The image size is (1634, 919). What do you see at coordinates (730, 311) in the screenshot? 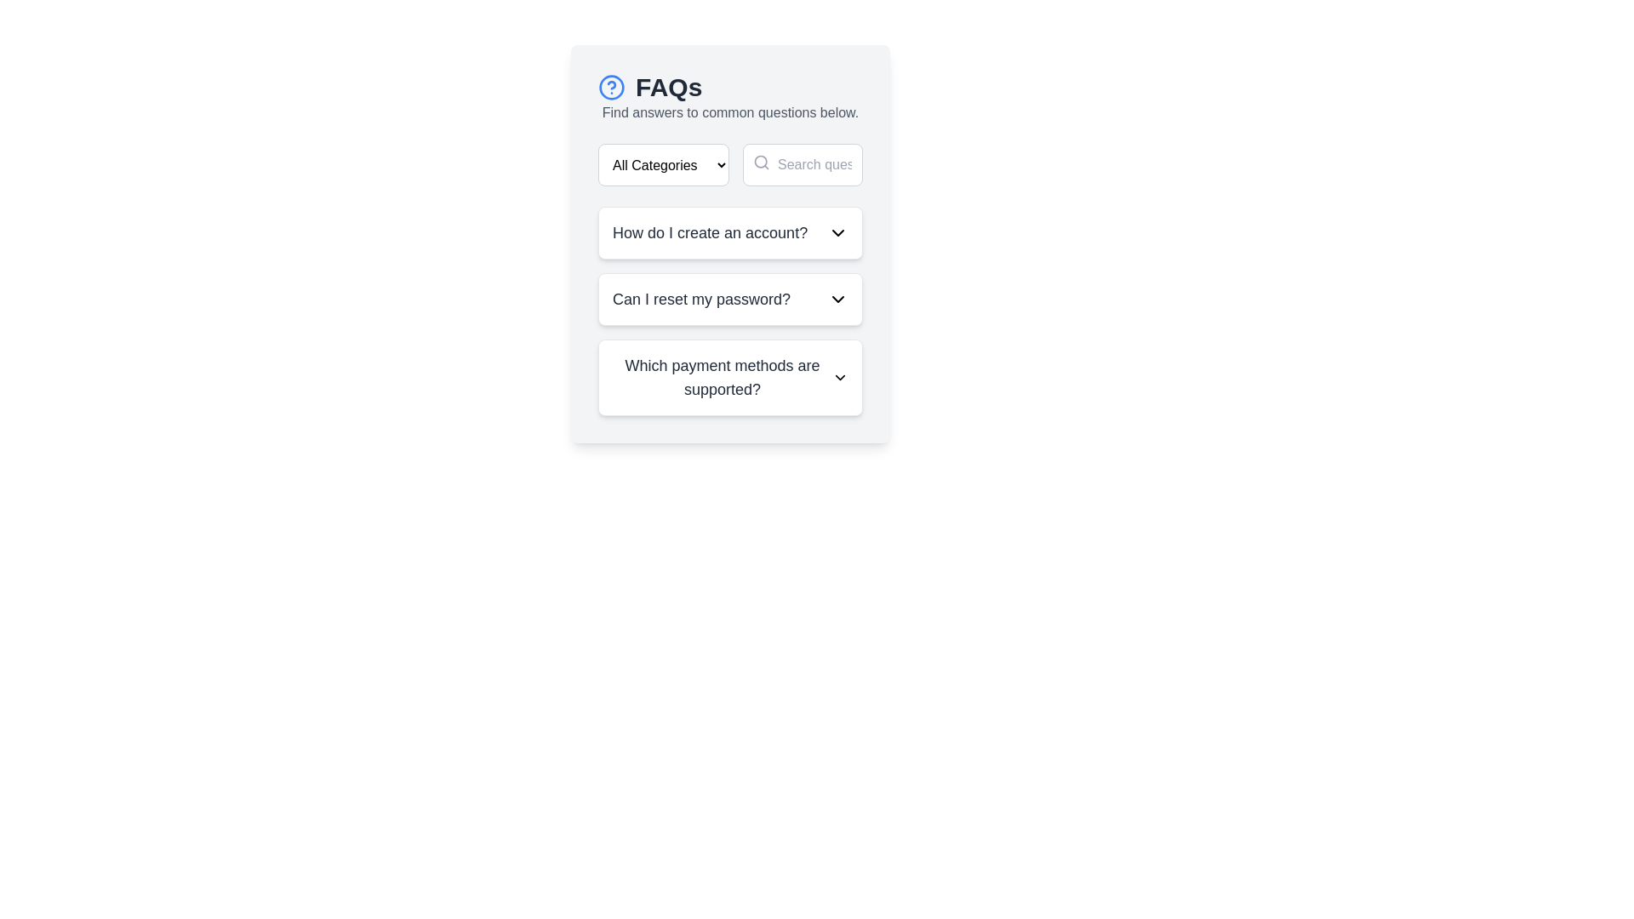
I see `the second Collapsible FAQ item labeled 'Can I reset my password?'` at bounding box center [730, 311].